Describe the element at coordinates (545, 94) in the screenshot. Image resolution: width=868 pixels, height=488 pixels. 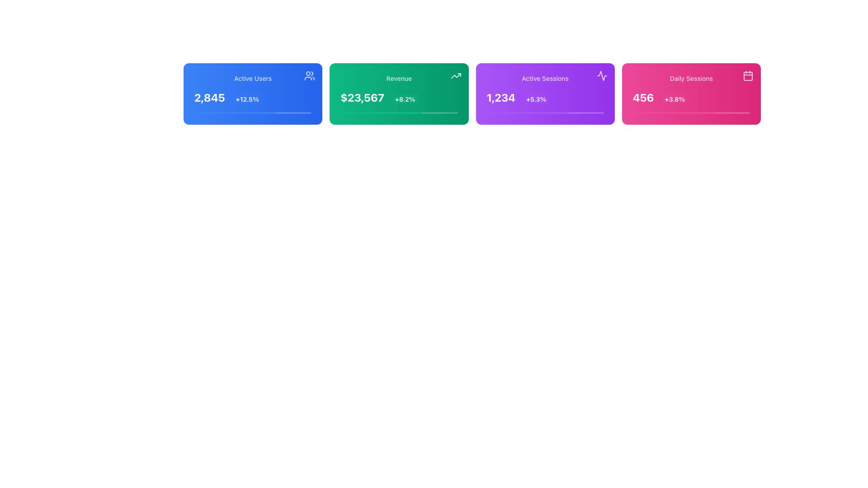
I see `the textual display element showing the active sessions with the bold value '1,234' and the percentage change '+5.3%'` at that location.